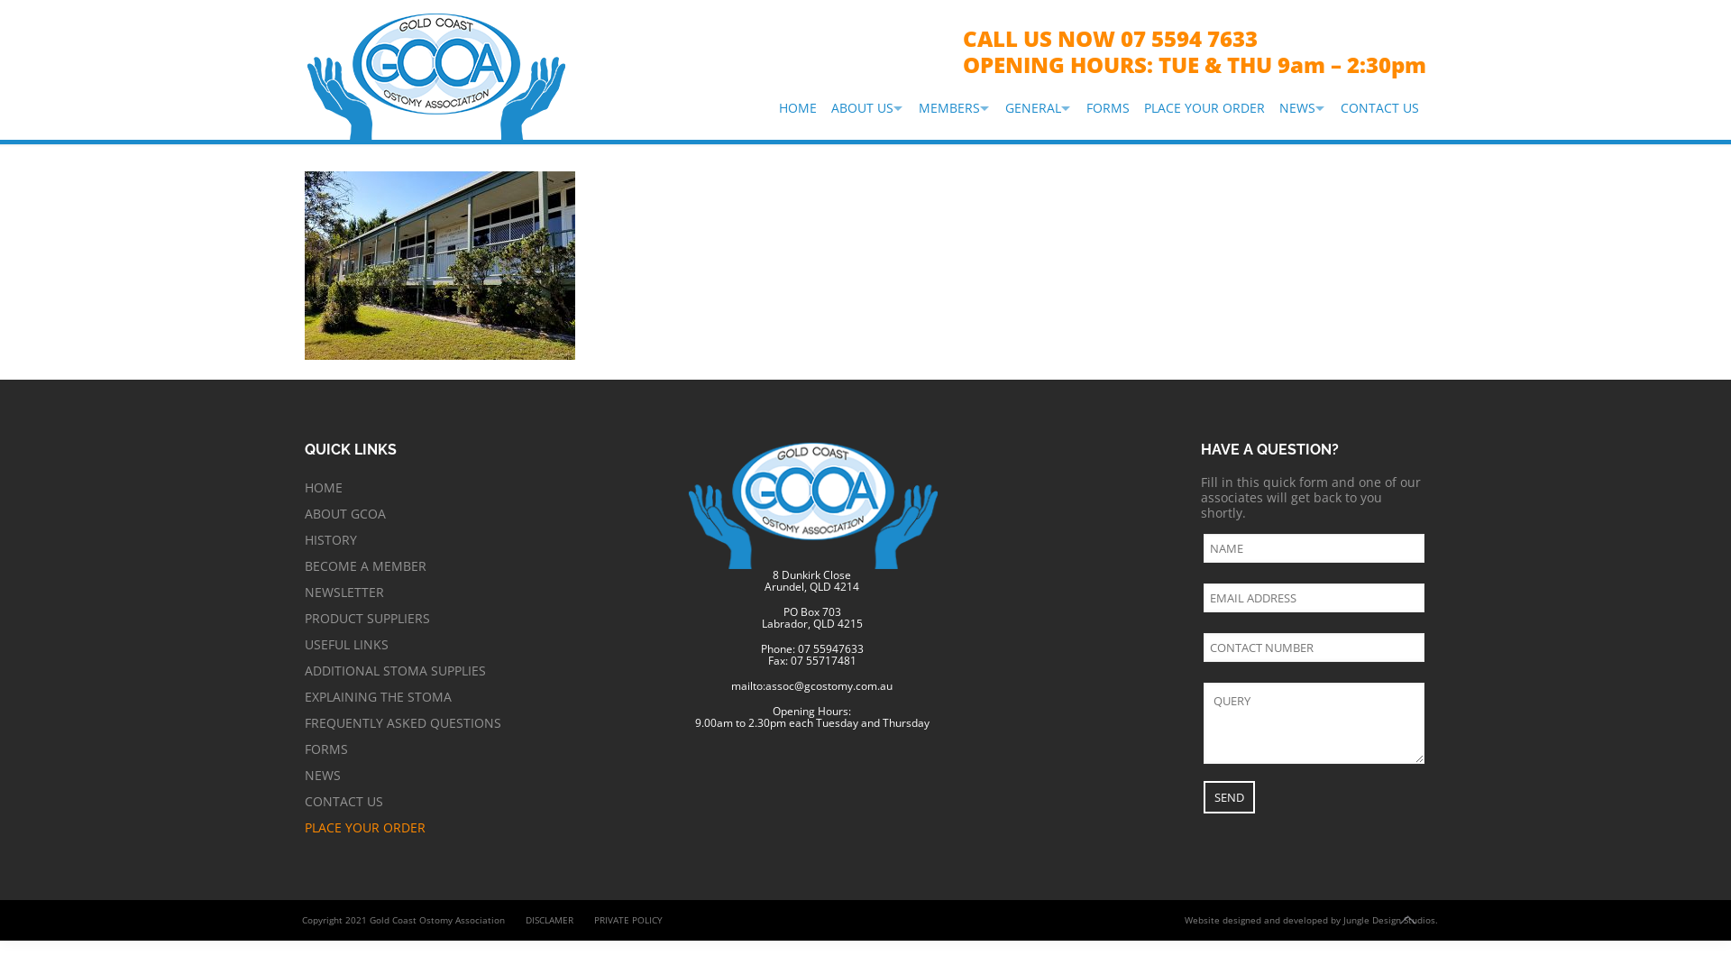  Describe the element at coordinates (548, 919) in the screenshot. I see `'DISCLAMER'` at that location.